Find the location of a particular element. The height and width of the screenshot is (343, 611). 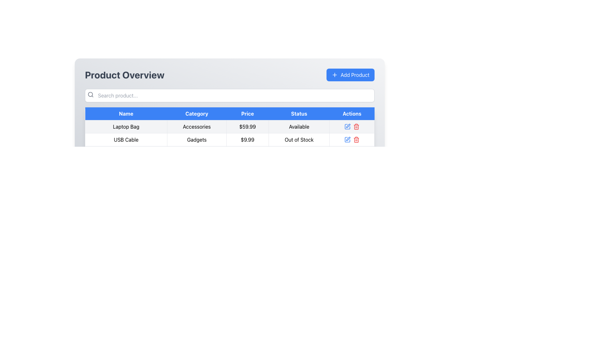

the second row of the 'Product Overview' table that contains details about the product 'USB Cable', including its category, price, and availability status is located at coordinates (229, 139).